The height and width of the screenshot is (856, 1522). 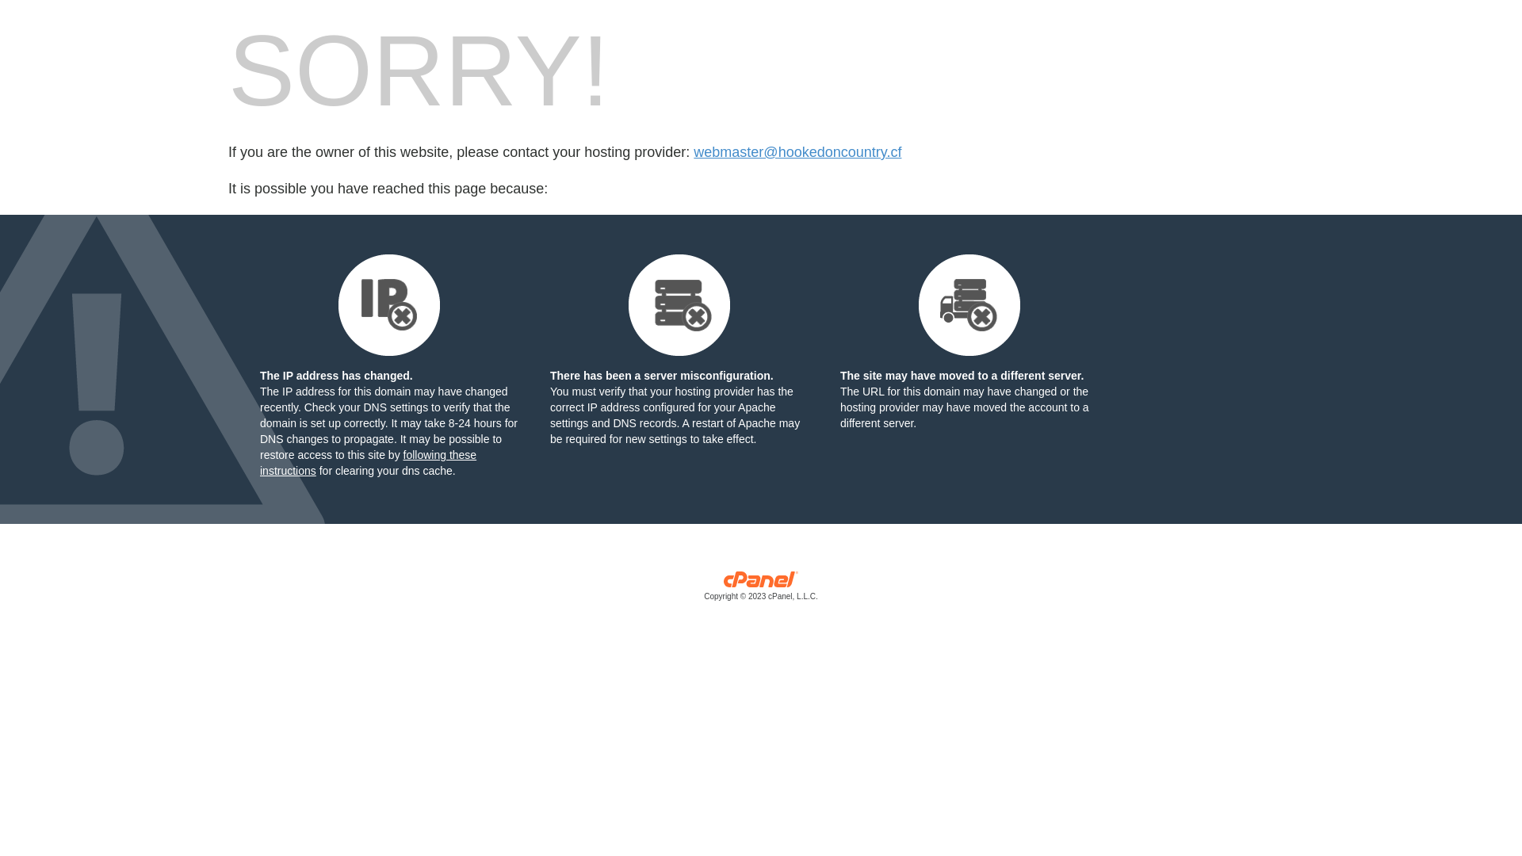 What do you see at coordinates (367, 462) in the screenshot?
I see `'following these instructions'` at bounding box center [367, 462].